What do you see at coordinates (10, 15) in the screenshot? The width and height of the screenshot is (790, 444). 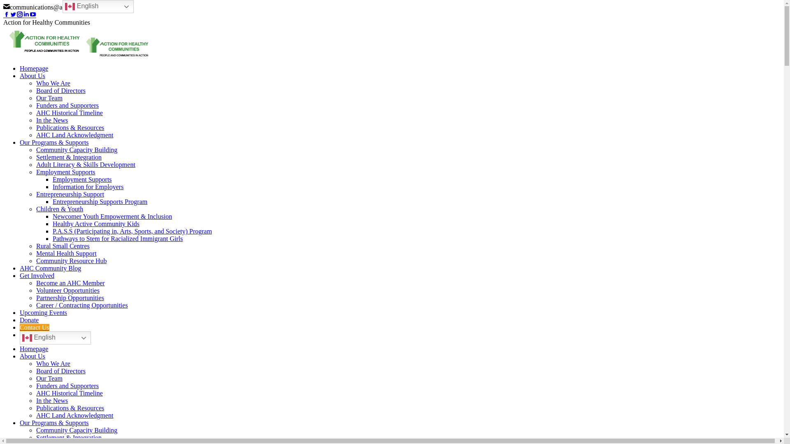 I see `'Twitter page opens in new window'` at bounding box center [10, 15].